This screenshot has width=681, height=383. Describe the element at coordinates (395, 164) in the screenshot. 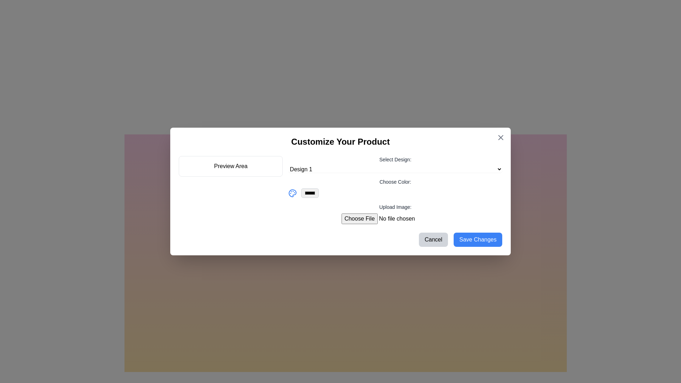

I see `an option from the dropdown menu labeled 'Select Design:' which is styled with a white background and rounded corners, located at the top center of the form under the title 'Customize Your Product'` at that location.